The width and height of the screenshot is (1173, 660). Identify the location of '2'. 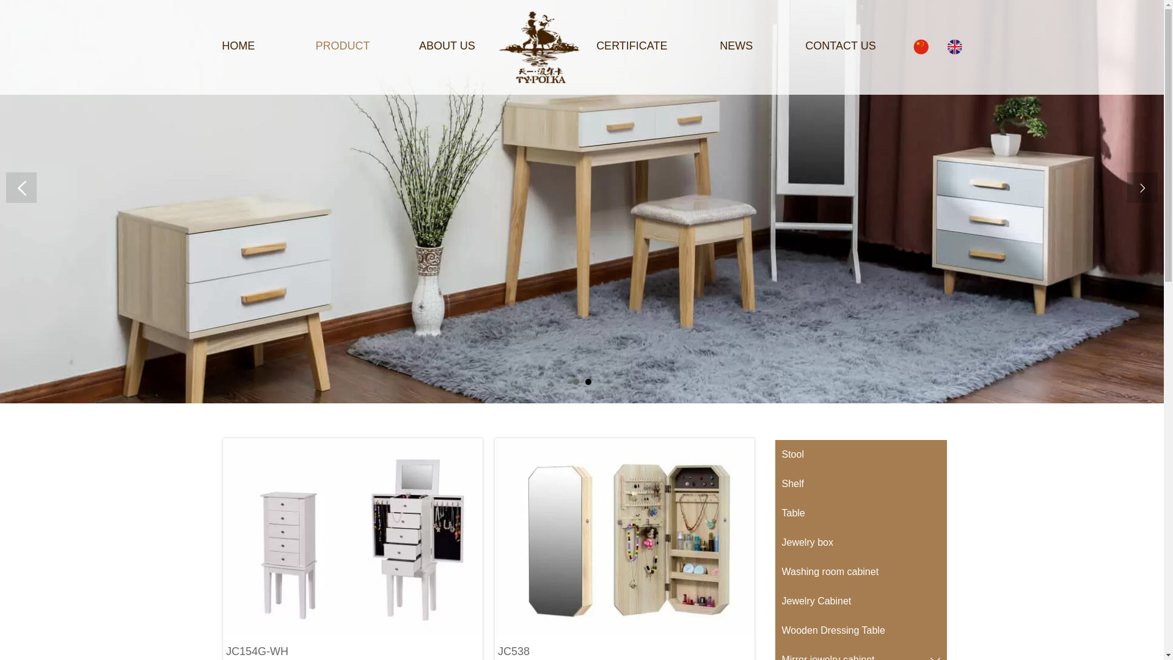
(588, 381).